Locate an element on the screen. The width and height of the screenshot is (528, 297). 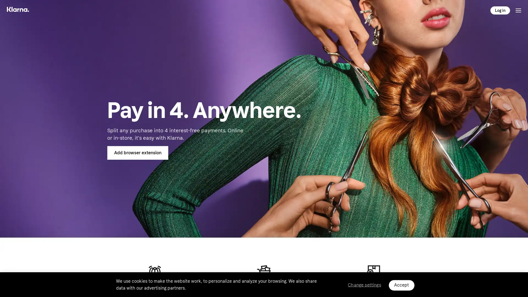
Change settings is located at coordinates (364, 285).